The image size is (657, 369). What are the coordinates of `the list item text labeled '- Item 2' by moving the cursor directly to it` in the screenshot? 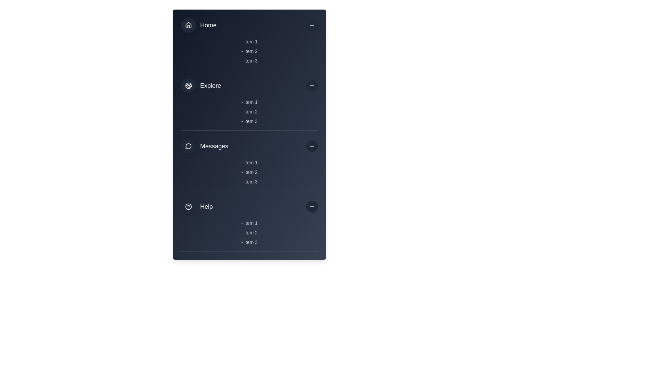 It's located at (249, 51).